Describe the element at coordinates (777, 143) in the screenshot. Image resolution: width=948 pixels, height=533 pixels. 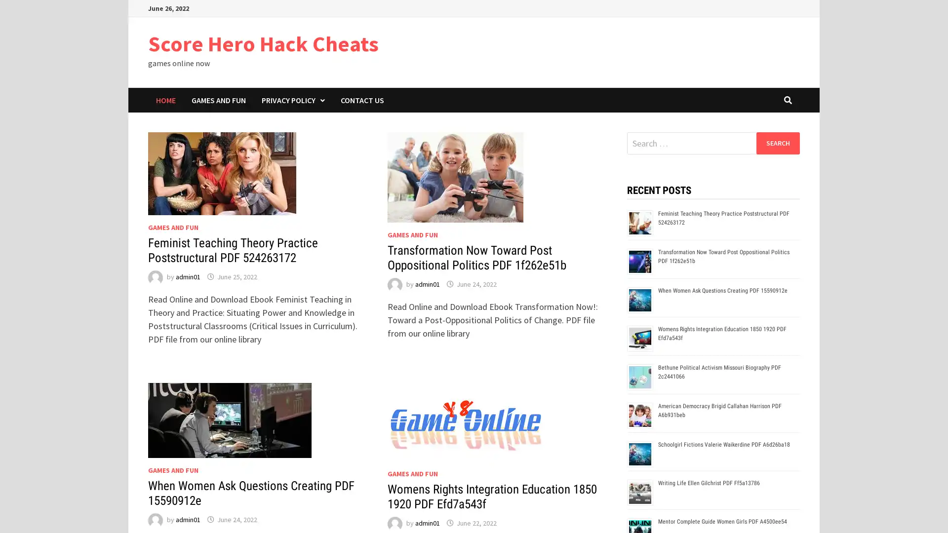
I see `Search` at that location.